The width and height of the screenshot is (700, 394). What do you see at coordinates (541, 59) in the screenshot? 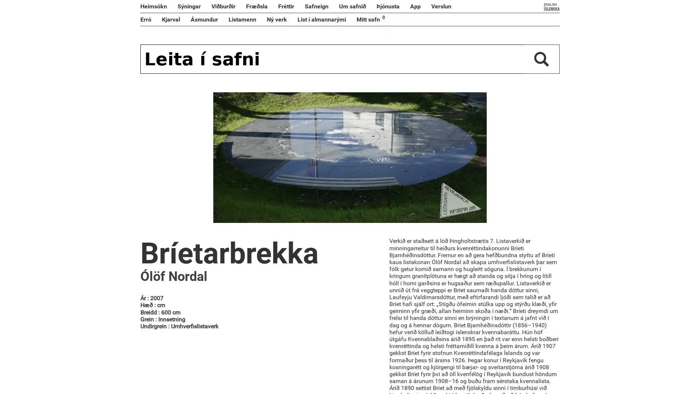
I see `HVA VILTU FINNA?` at bounding box center [541, 59].